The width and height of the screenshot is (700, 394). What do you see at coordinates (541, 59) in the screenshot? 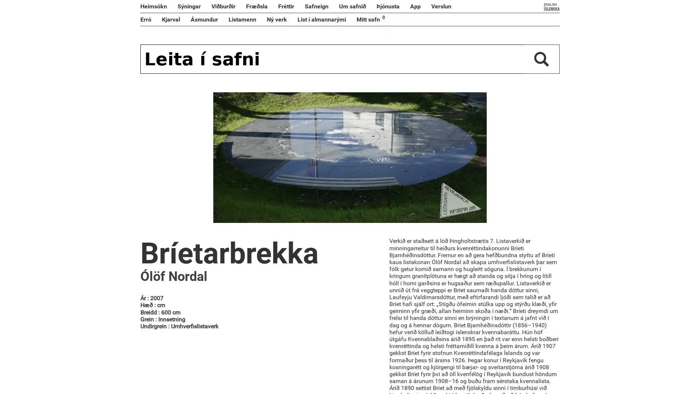
I see `HVA VILTU FINNA?` at bounding box center [541, 59].